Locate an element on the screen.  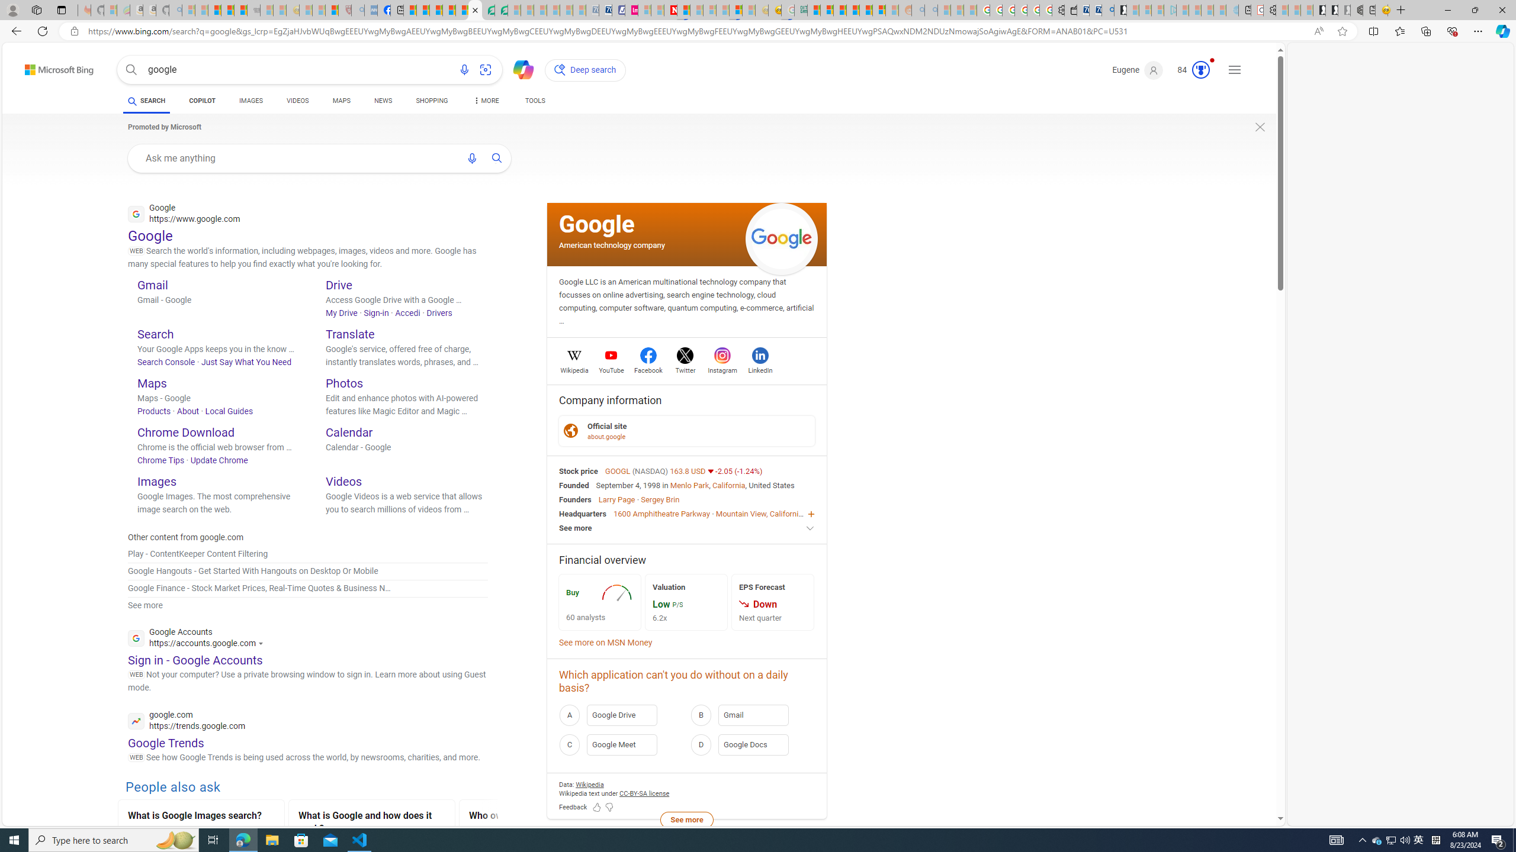
'AutomationID: uaseabtn' is located at coordinates (497, 158).